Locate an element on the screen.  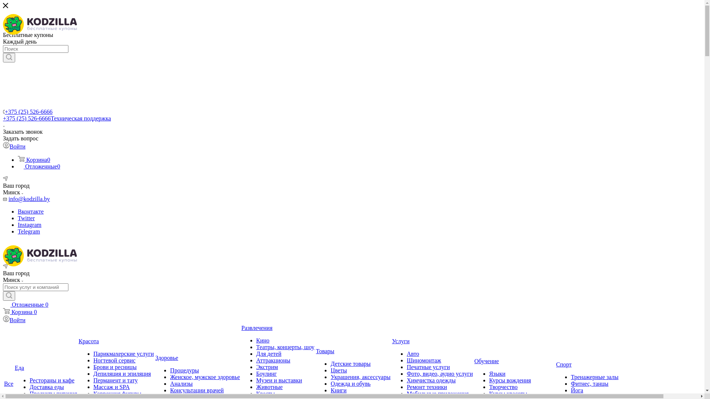
'Telegram' is located at coordinates (28, 231).